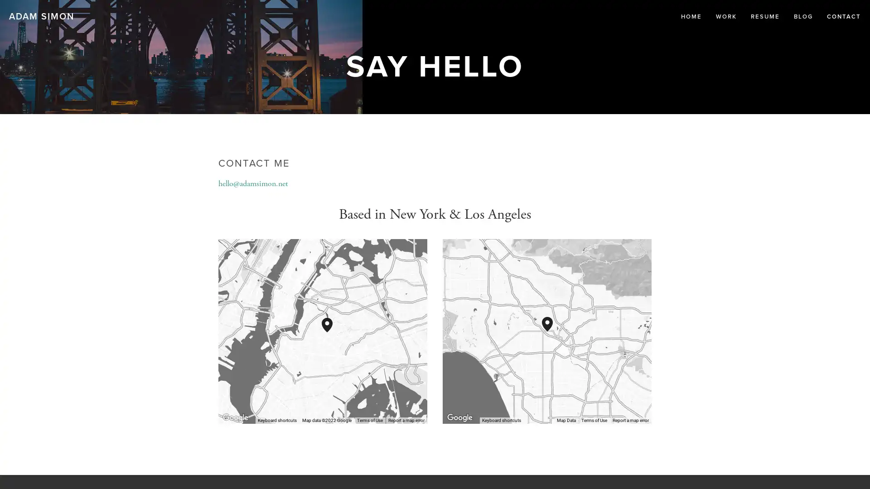 The image size is (870, 489). What do you see at coordinates (501, 420) in the screenshot?
I see `Keyboard shortcuts` at bounding box center [501, 420].